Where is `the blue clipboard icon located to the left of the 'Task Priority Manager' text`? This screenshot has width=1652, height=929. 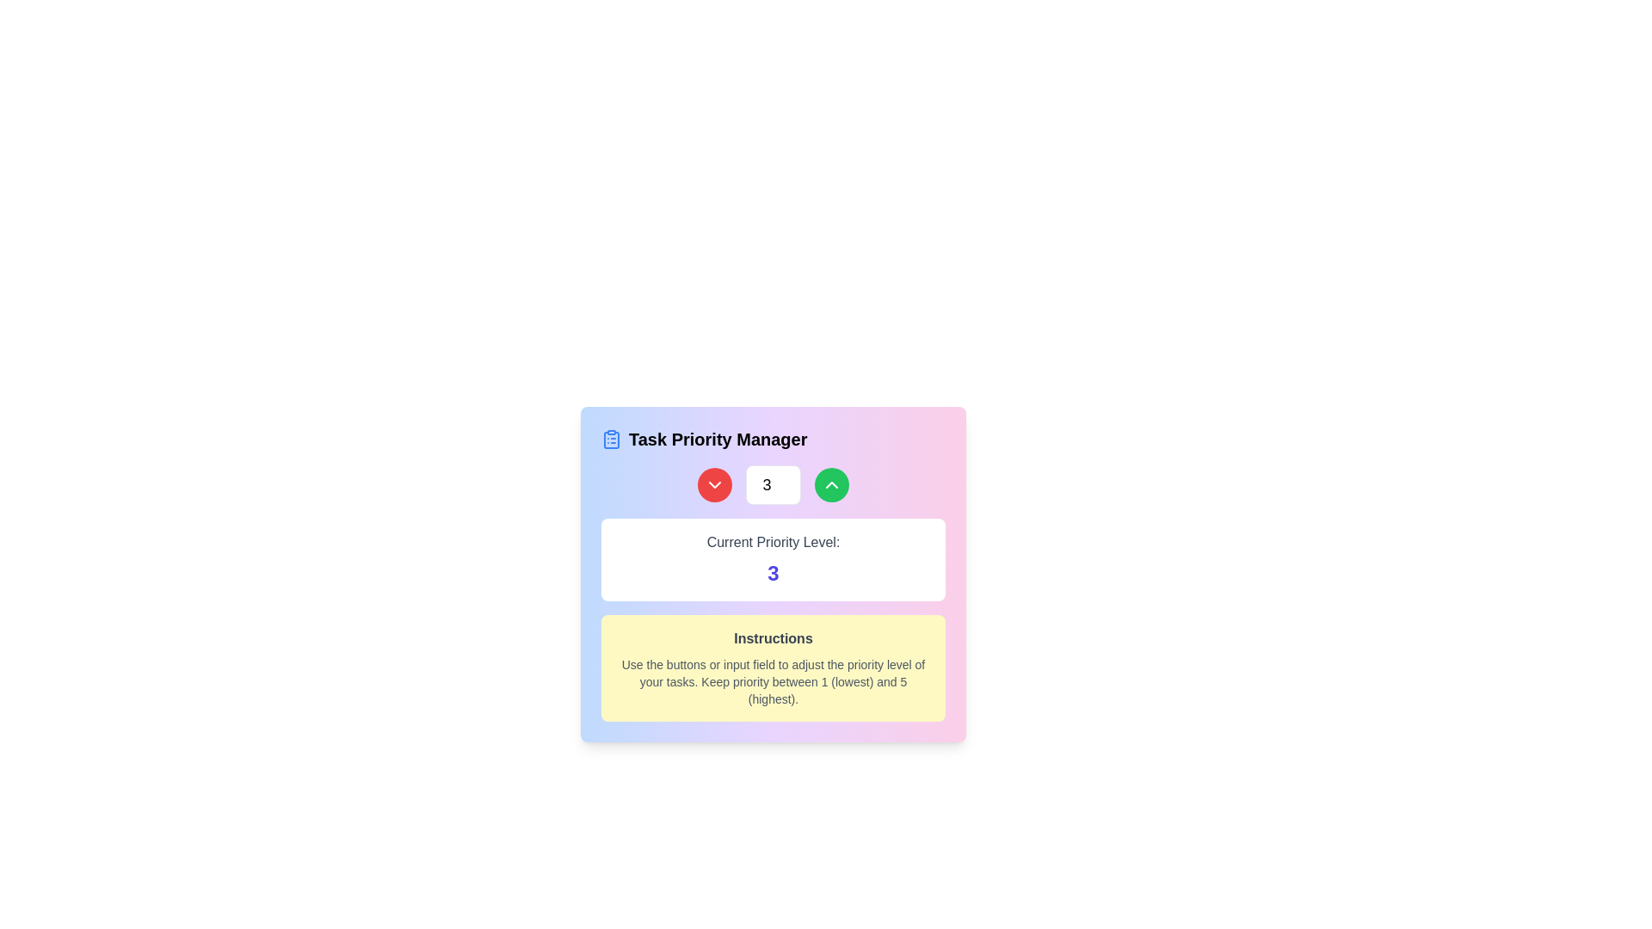 the blue clipboard icon located to the left of the 'Task Priority Manager' text is located at coordinates (611, 438).